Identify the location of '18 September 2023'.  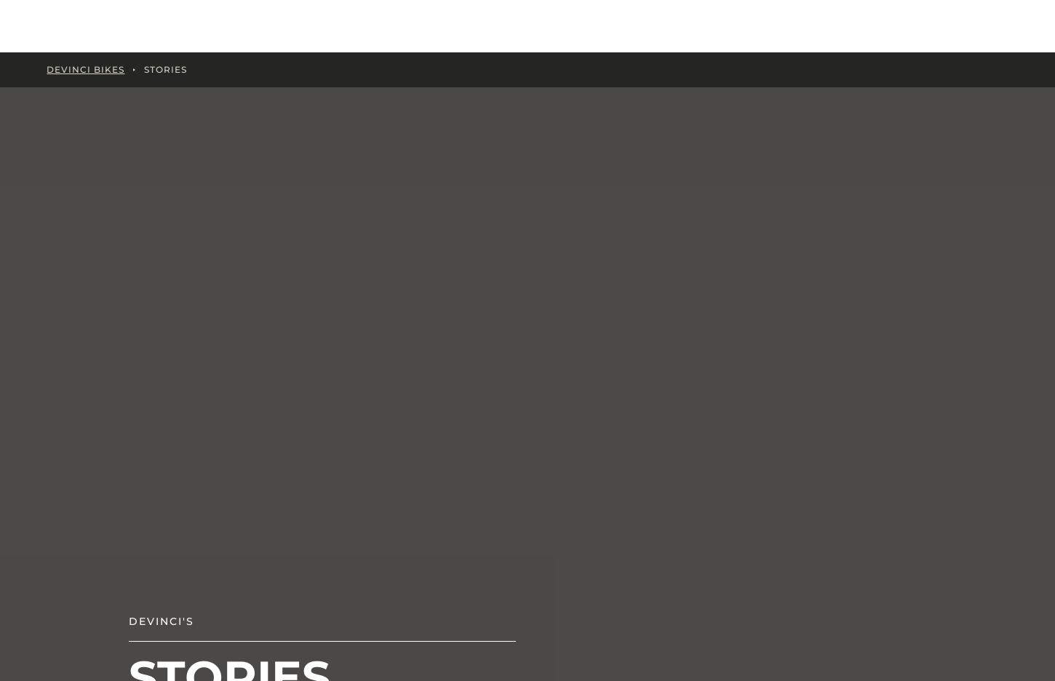
(835, 283).